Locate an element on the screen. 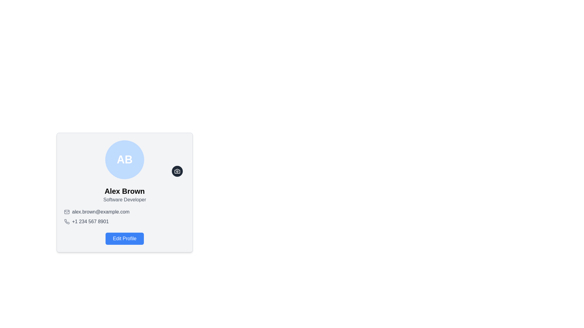  the circular button with a dark gray background and white camera icon, located at the bottom-right corner of the card containing the avatar 'AB', title 'Alex Brown', and contact details is located at coordinates (177, 171).